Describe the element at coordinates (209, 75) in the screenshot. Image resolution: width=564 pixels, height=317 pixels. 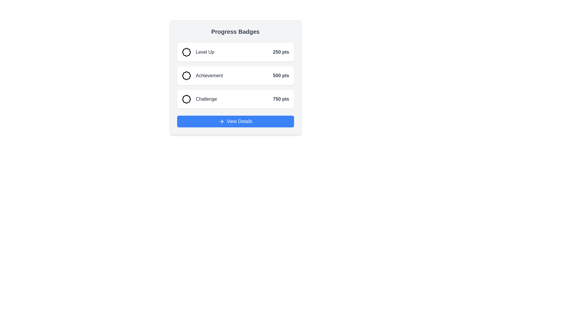
I see `the second textual label in the 'Progress Badges' display, which describes the specific achievement category and is positioned below the 'Level Up' item and above the 'Challenge' item` at that location.